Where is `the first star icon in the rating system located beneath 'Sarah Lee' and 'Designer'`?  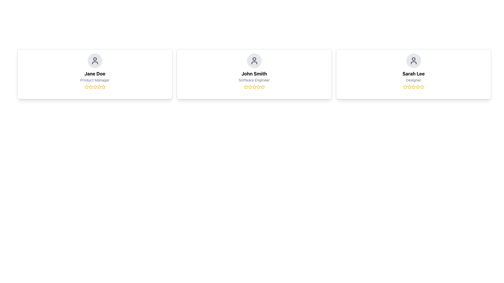
the first star icon in the rating system located beneath 'Sarah Lee' and 'Designer' is located at coordinates (405, 86).